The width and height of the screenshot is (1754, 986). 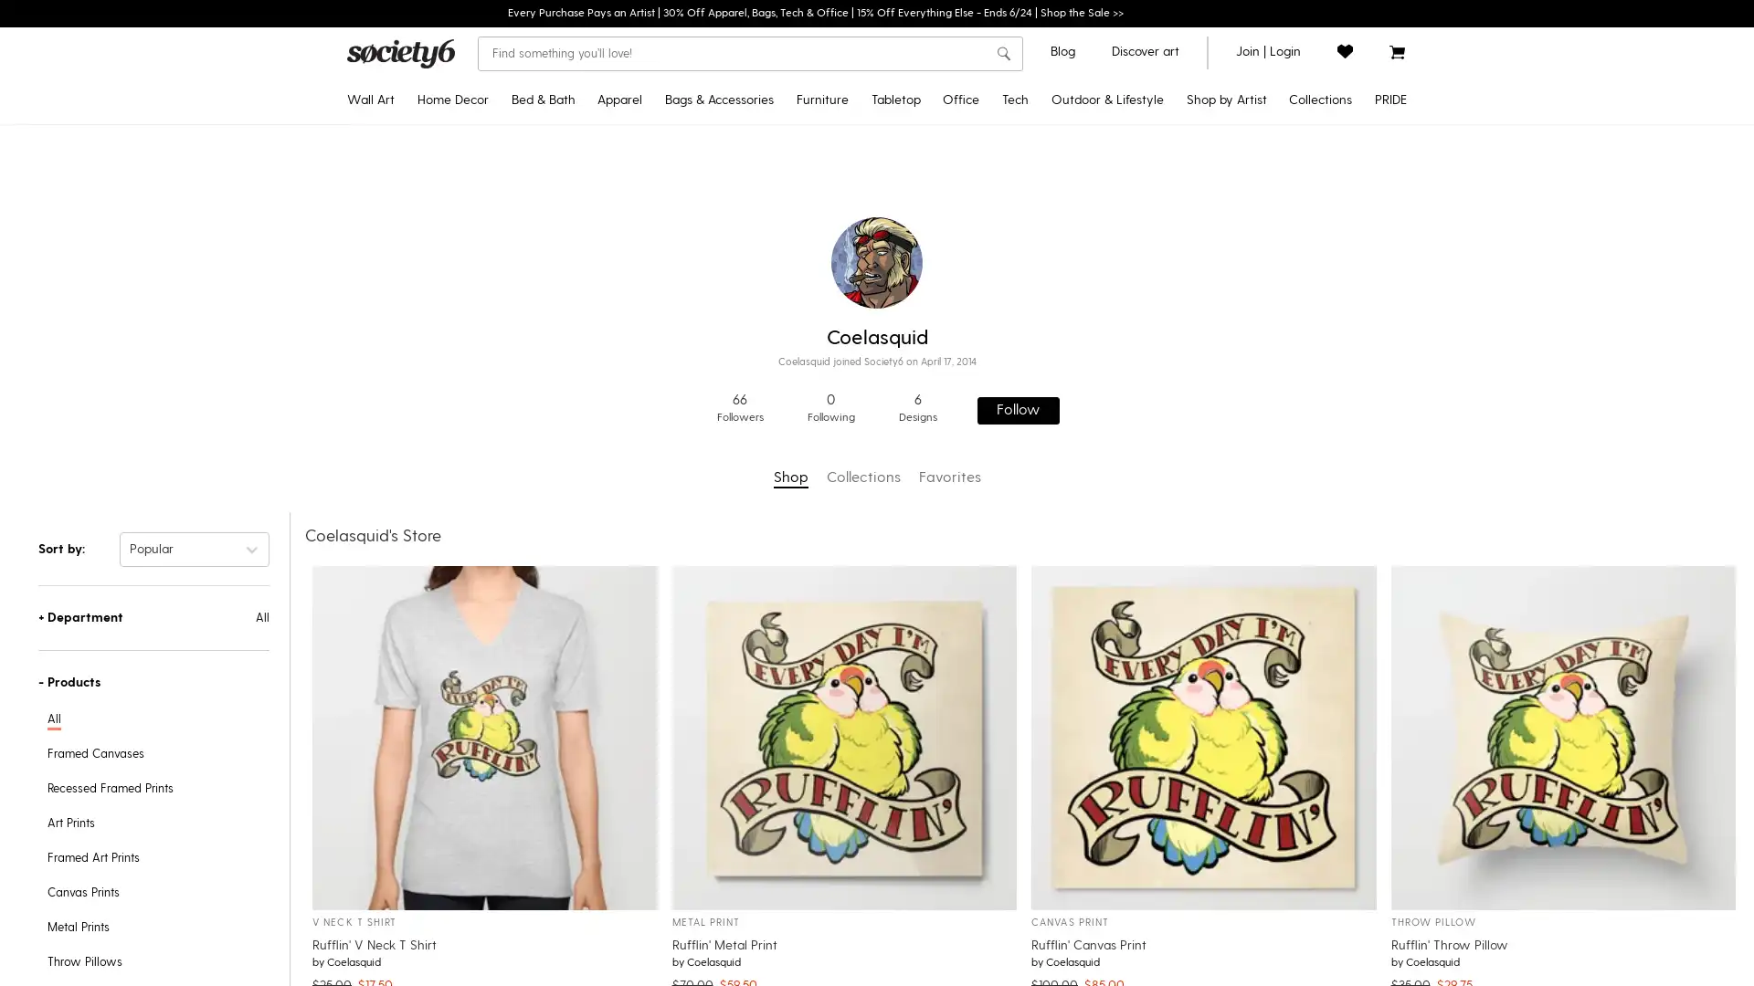 What do you see at coordinates (732, 264) in the screenshot?
I see `Socks` at bounding box center [732, 264].